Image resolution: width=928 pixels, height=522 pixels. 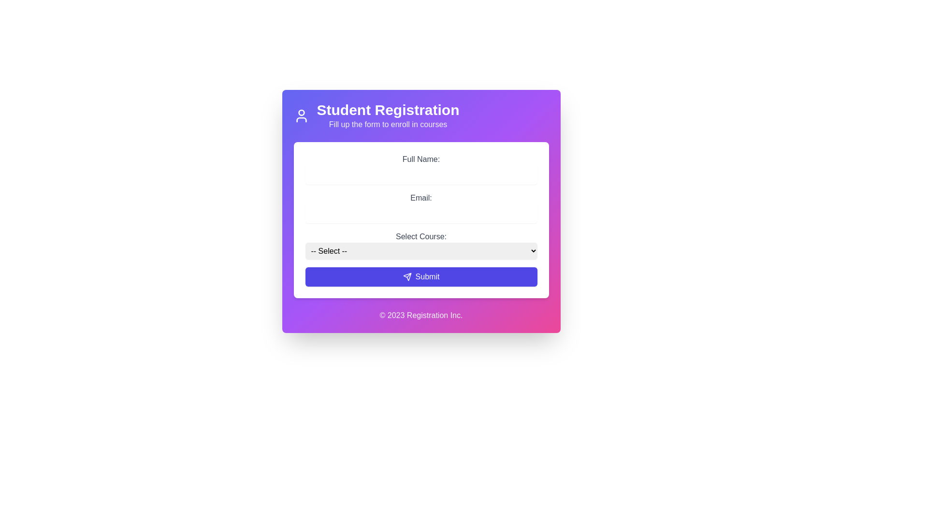 What do you see at coordinates (388, 124) in the screenshot?
I see `the informational text element that instructs users to 'Fill up the form to enroll in courses', styled in light gray on a purple gradient background, located below the 'Student Registration' heading` at bounding box center [388, 124].